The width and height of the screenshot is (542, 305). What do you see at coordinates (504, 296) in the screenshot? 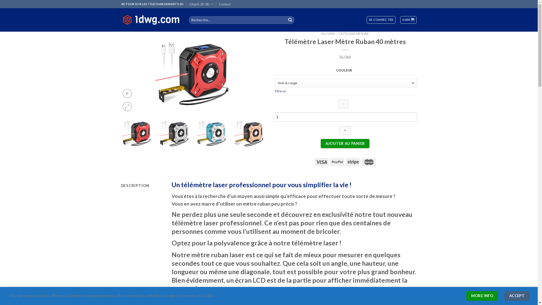
I see `'ACCEPT'` at bounding box center [504, 296].